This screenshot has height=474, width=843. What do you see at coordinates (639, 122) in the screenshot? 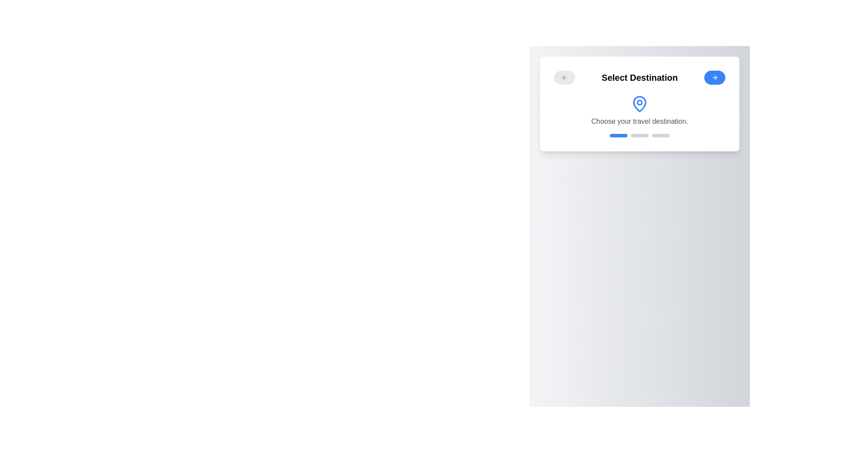
I see `the text label that reads 'Choose your travel destination.' which is styled in gray font and positioned below a map pin icon within a white rectangular card` at bounding box center [639, 122].